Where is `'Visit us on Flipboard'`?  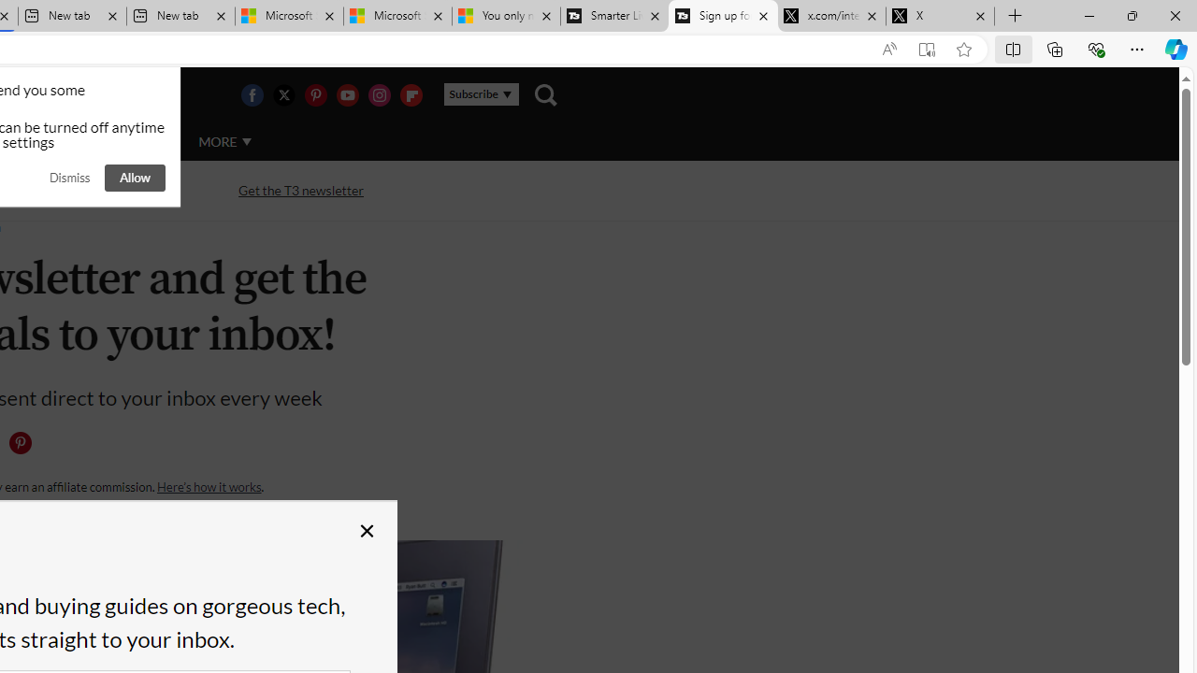 'Visit us on Flipboard' is located at coordinates (410, 94).